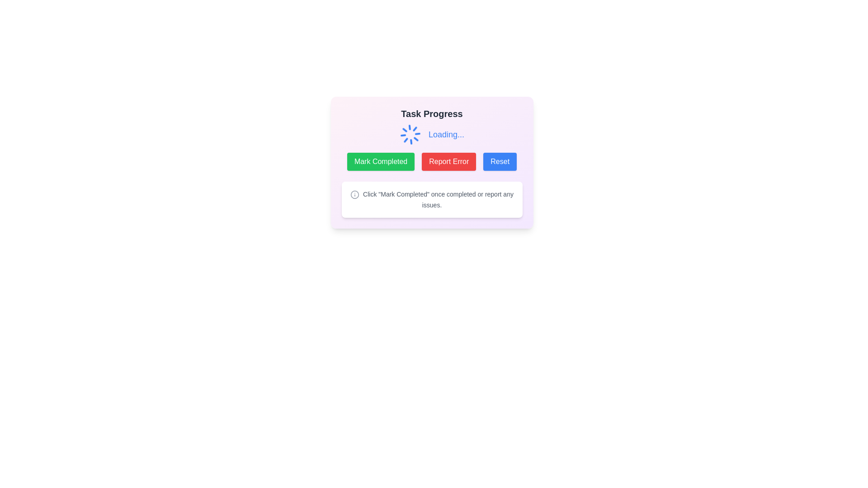 Image resolution: width=868 pixels, height=488 pixels. Describe the element at coordinates (446, 134) in the screenshot. I see `text label indicating the current operation or task status, which is located immediately to the right of a spinning loader animation` at that location.